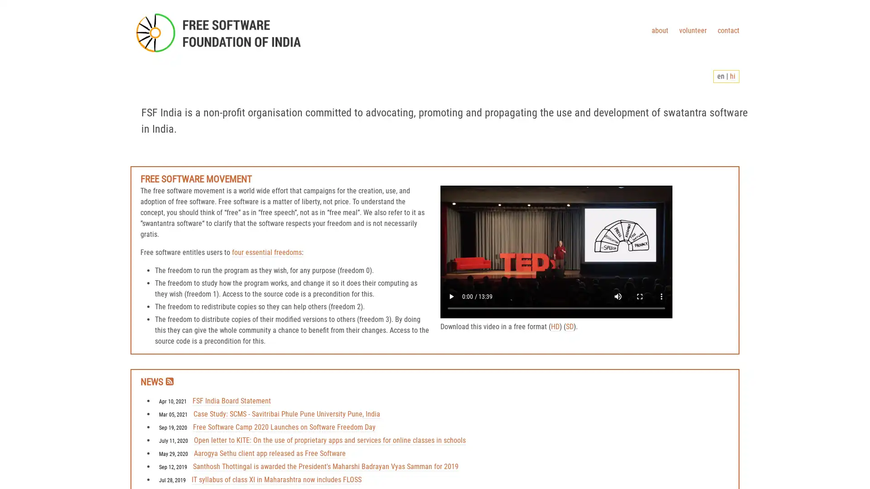  I want to click on play, so click(451, 297).